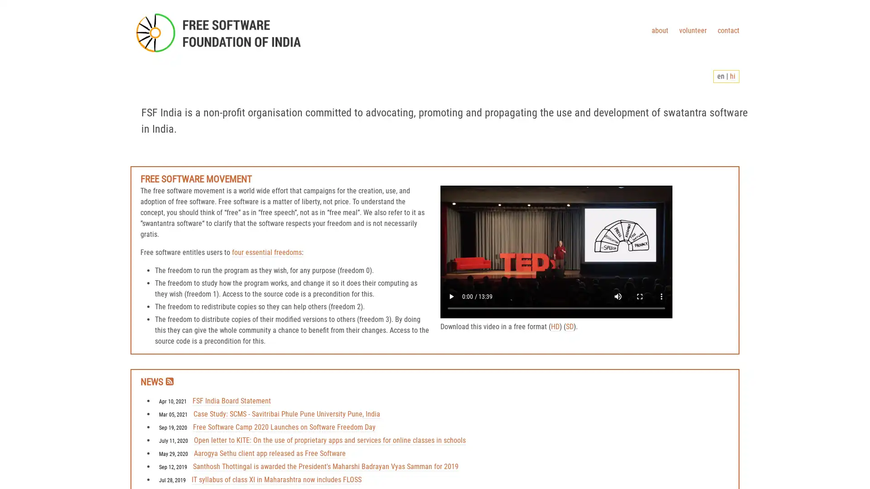  I want to click on play, so click(451, 297).